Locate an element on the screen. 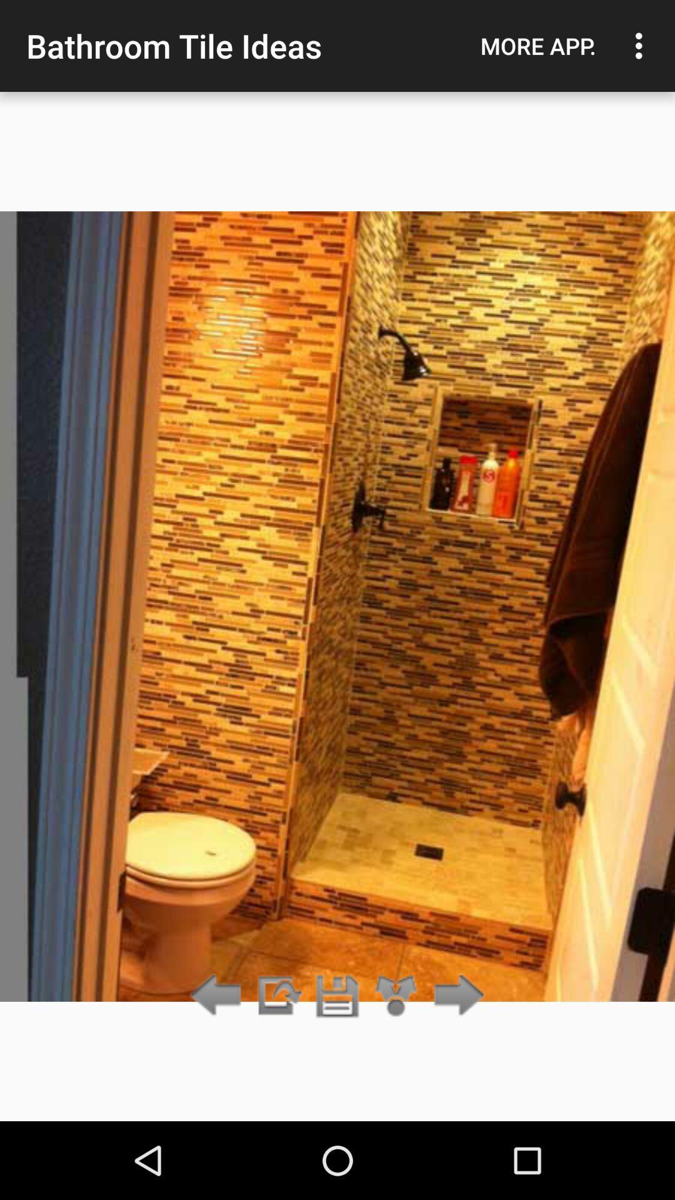 The height and width of the screenshot is (1200, 675). export image is located at coordinates (277, 996).